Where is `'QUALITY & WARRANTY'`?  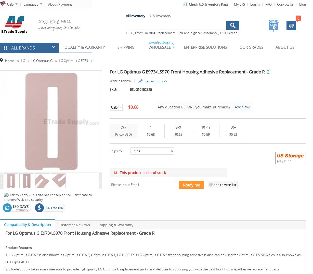
'QUALITY & WARRANTY' is located at coordinates (85, 47).